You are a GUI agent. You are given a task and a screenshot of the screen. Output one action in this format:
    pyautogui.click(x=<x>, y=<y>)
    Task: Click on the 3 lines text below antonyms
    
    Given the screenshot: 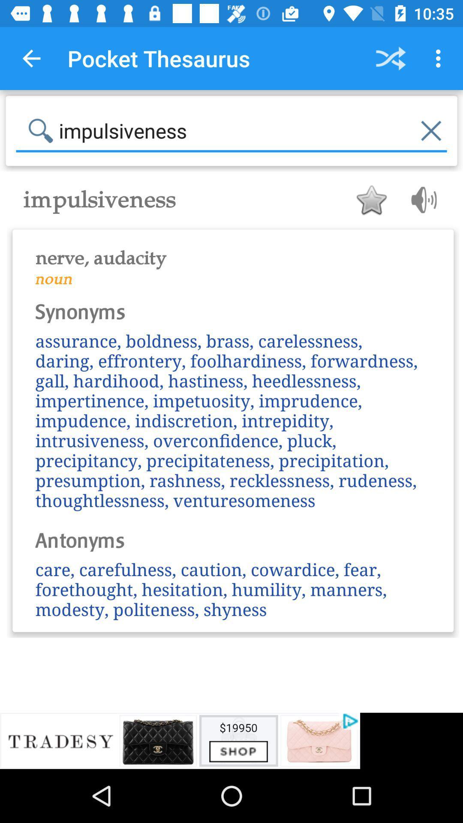 What is the action you would take?
    pyautogui.click(x=233, y=589)
    